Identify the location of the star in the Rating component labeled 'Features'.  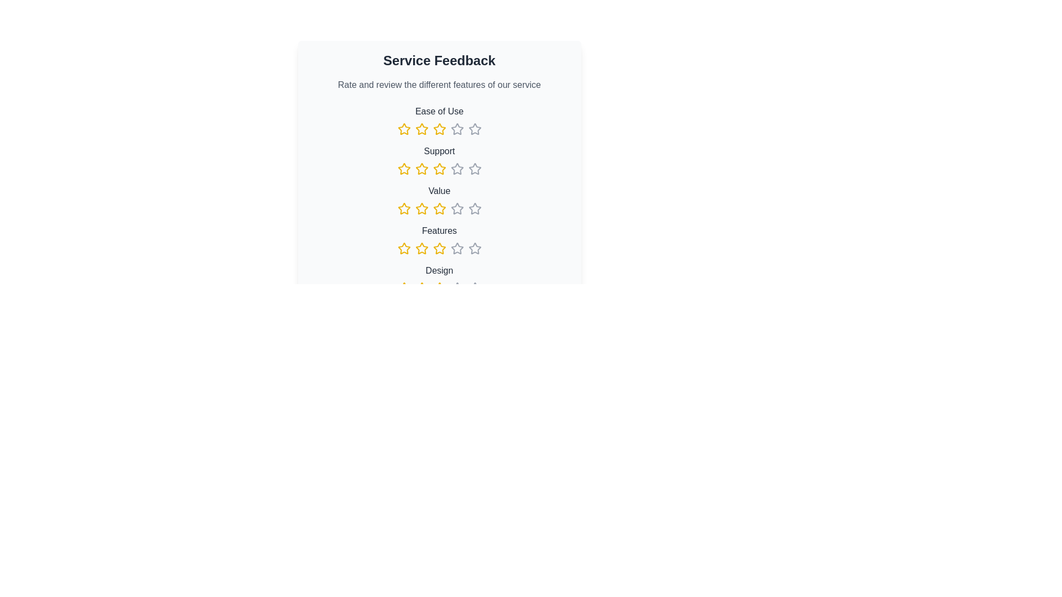
(439, 239).